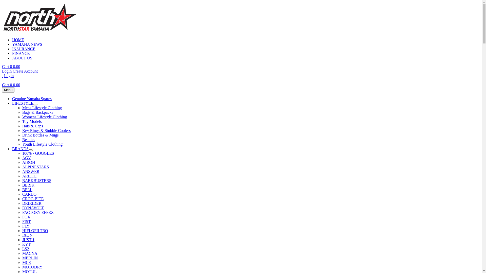 The width and height of the screenshot is (486, 273). I want to click on 'Drink Bottles & Mugs', so click(40, 135).